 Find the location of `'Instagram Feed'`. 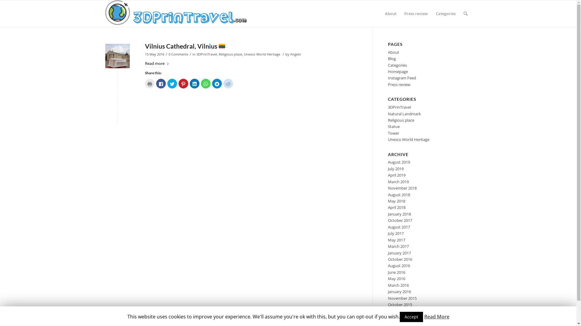

'Instagram Feed' is located at coordinates (402, 78).